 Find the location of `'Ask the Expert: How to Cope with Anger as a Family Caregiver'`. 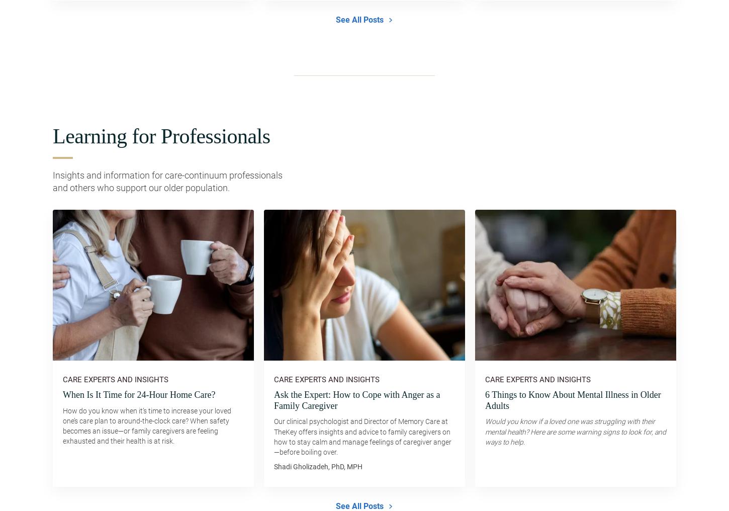

'Ask the Expert: How to Cope with Anger as a Family Caregiver' is located at coordinates (356, 399).